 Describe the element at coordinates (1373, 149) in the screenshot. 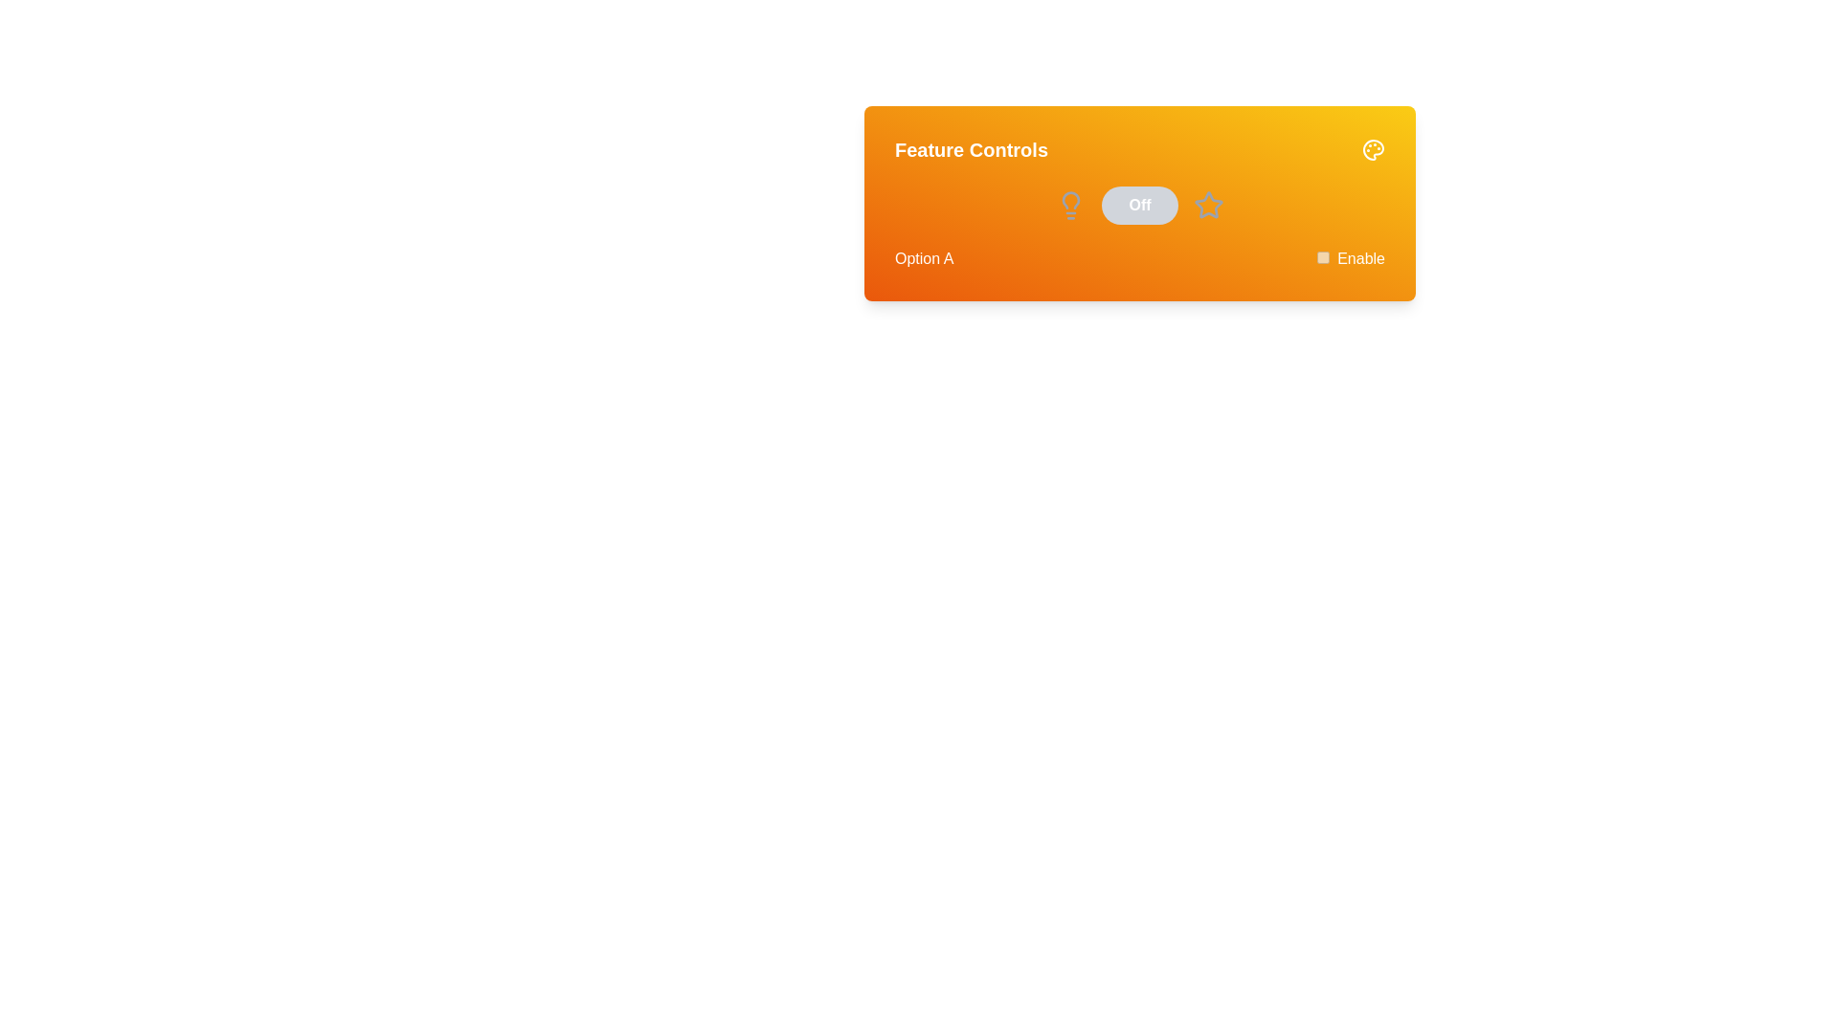

I see `the palette icon located on the far-right edge of the 'Feature Controls' section, which has a circular shape with smaller circular elements indicating paint wells, styled in white on an orange background` at that location.